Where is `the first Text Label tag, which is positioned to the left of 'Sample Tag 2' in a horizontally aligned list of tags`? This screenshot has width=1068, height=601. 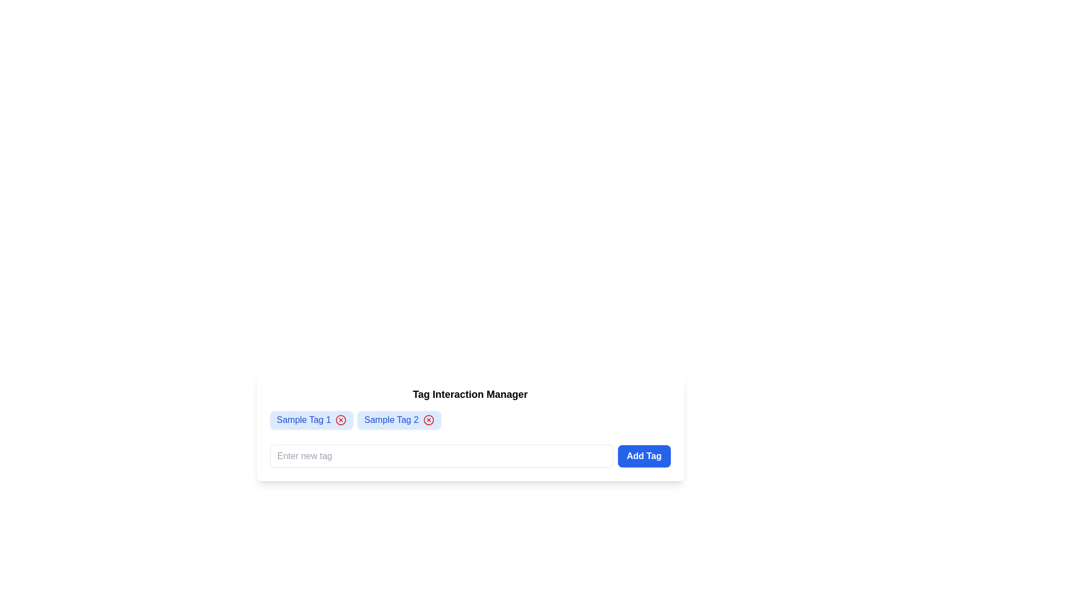
the first Text Label tag, which is positioned to the left of 'Sample Tag 2' in a horizontally aligned list of tags is located at coordinates (304, 420).